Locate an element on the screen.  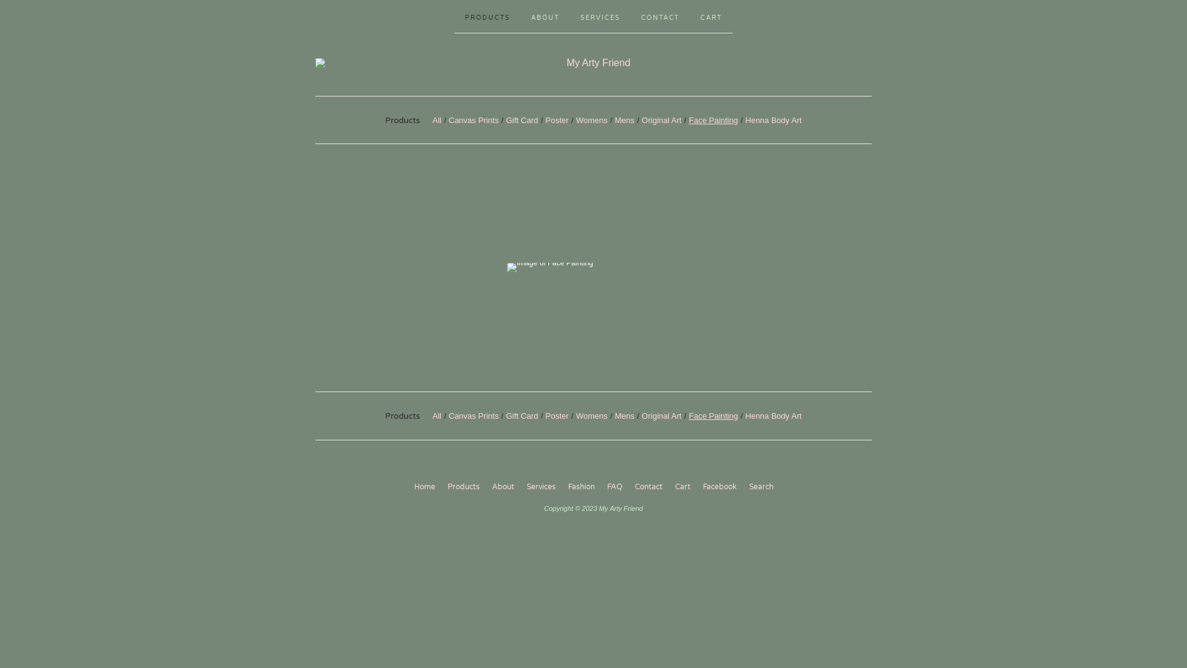
'Home' is located at coordinates (424, 486).